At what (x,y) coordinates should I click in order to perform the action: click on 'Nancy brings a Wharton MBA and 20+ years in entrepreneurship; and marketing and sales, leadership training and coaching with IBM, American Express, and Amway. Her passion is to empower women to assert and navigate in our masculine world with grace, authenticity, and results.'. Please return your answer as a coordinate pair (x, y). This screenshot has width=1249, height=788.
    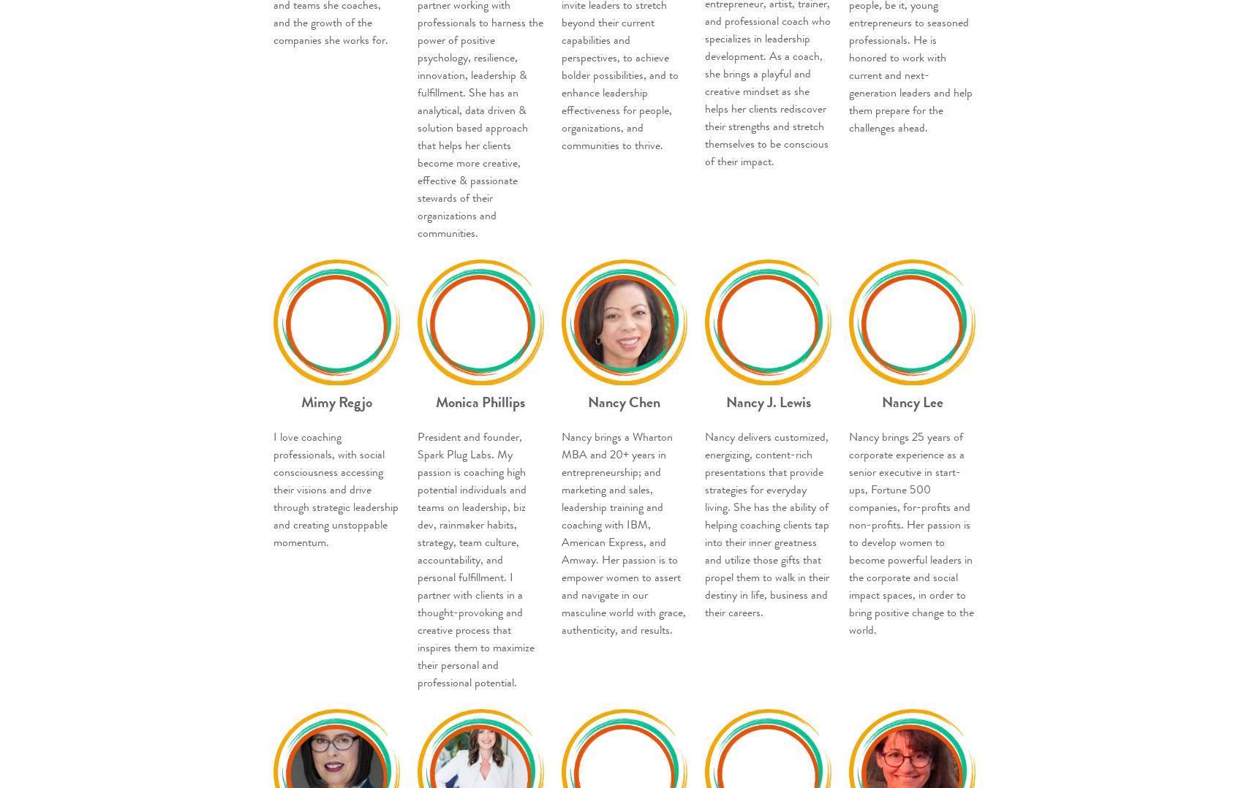
    Looking at the image, I should click on (622, 533).